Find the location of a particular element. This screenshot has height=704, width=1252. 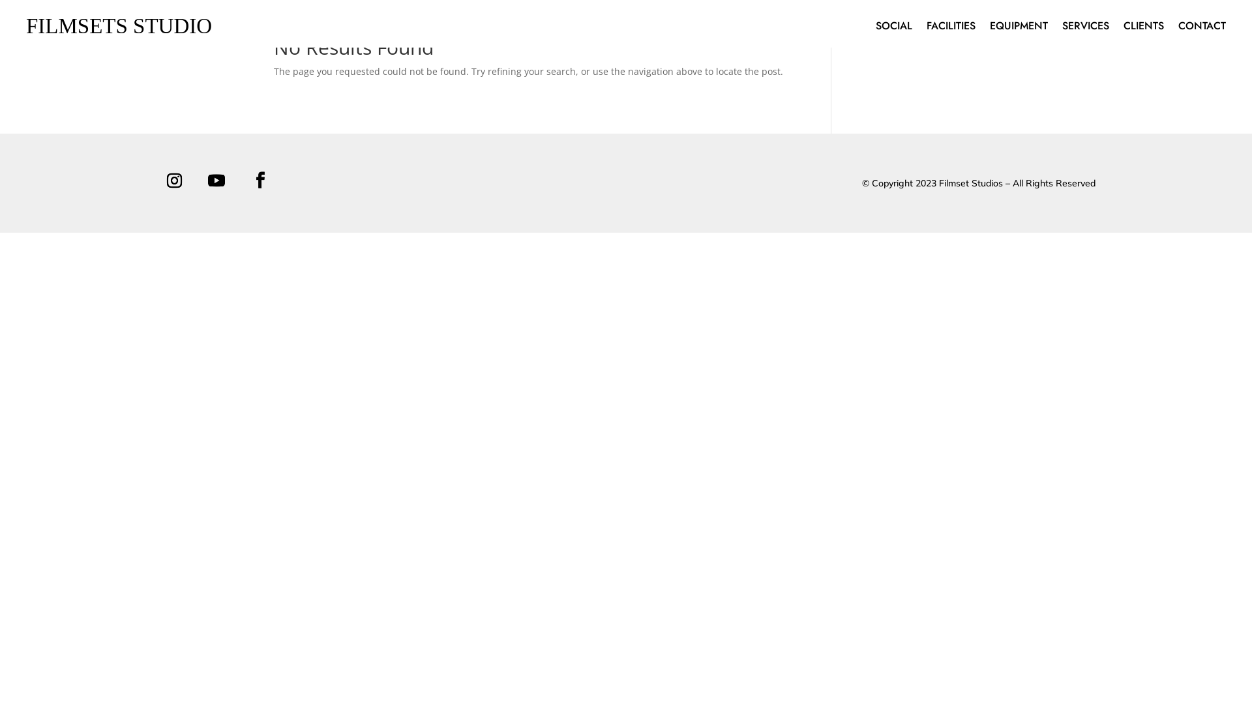

'SOCIAL' is located at coordinates (876, 28).